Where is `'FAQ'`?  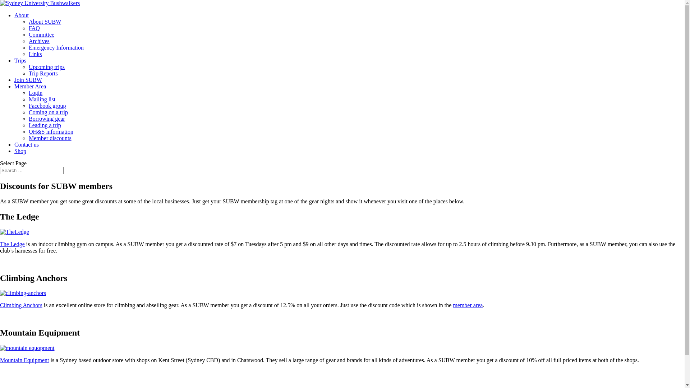 'FAQ' is located at coordinates (34, 28).